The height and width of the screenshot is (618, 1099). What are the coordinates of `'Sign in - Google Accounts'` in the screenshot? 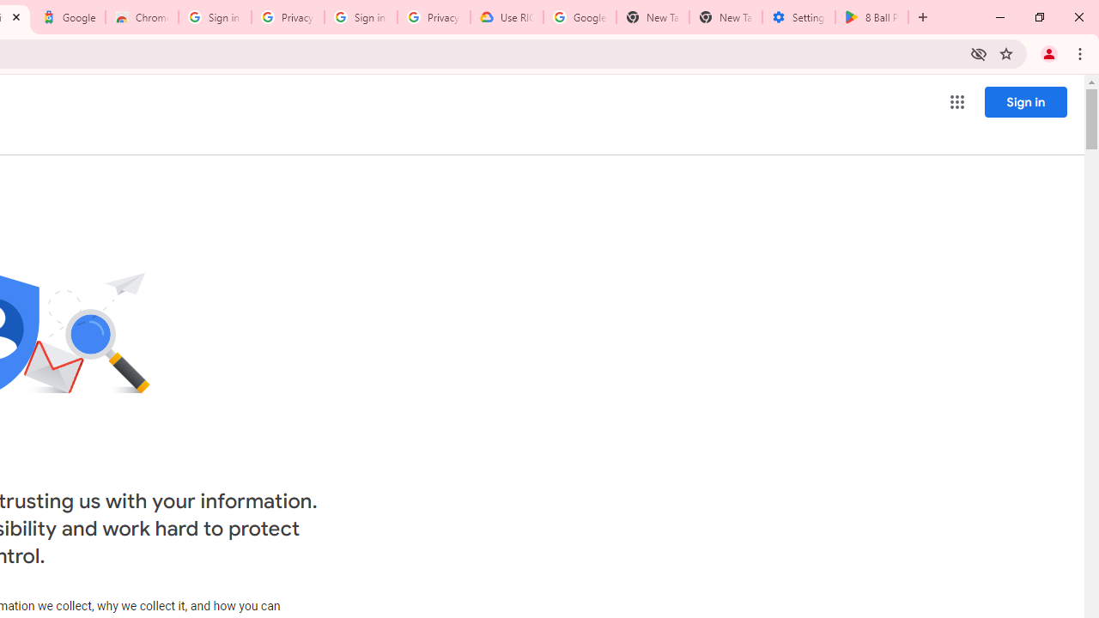 It's located at (214, 17).